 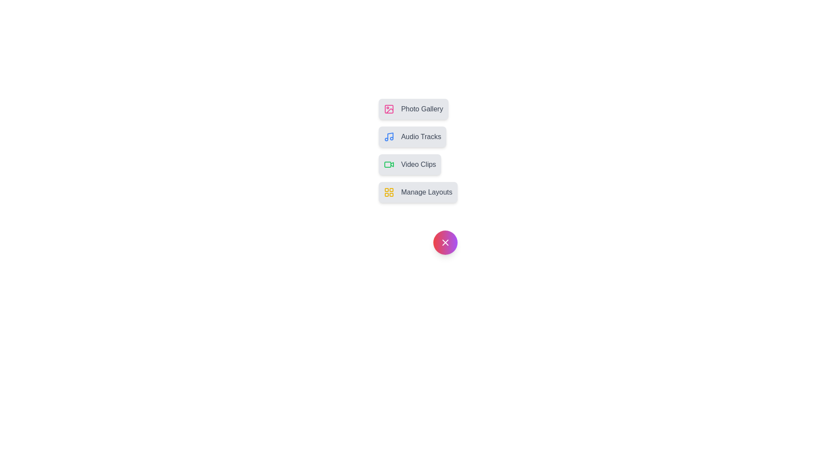 What do you see at coordinates (418, 165) in the screenshot?
I see `label that indicates the title of the associated functionality, located within a button-like structure in a vertical list, specifically between 'Audio Tracks' and 'Manage Layouts'` at bounding box center [418, 165].